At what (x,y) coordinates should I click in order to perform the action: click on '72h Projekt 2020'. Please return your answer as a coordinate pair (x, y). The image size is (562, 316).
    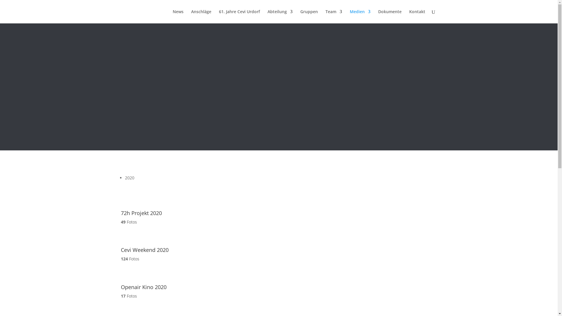
    Looking at the image, I should click on (141, 213).